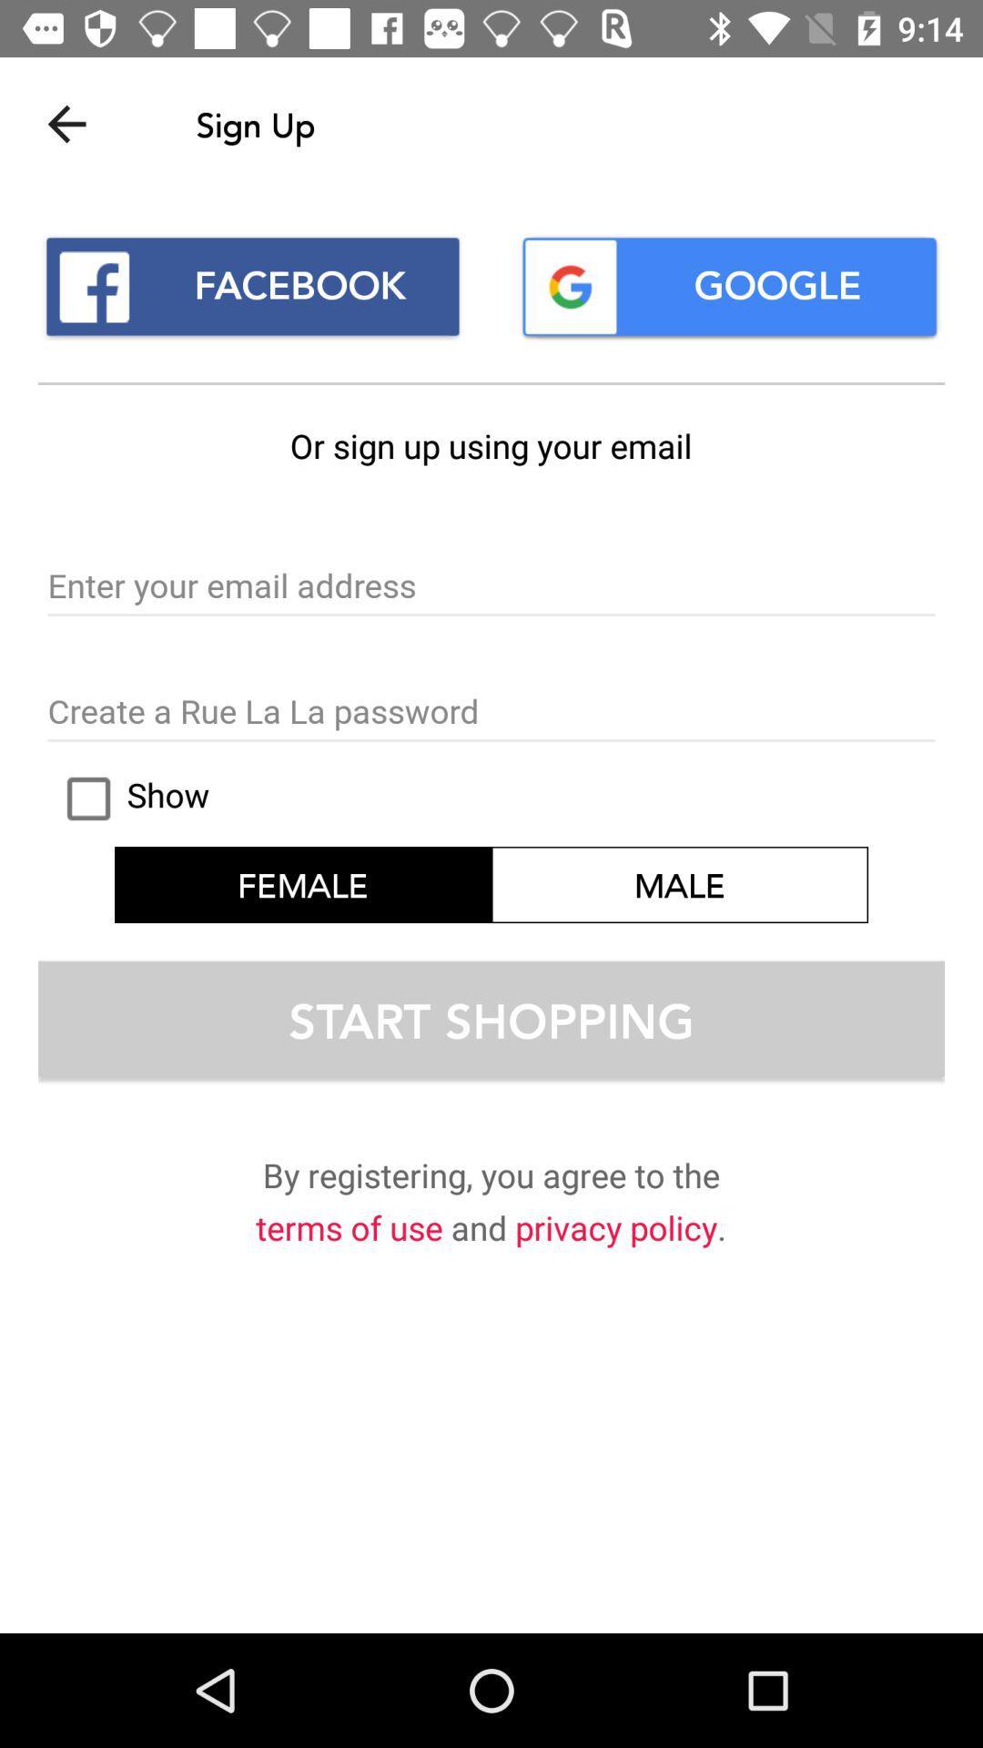  I want to click on item below the by registering you icon, so click(615, 1231).